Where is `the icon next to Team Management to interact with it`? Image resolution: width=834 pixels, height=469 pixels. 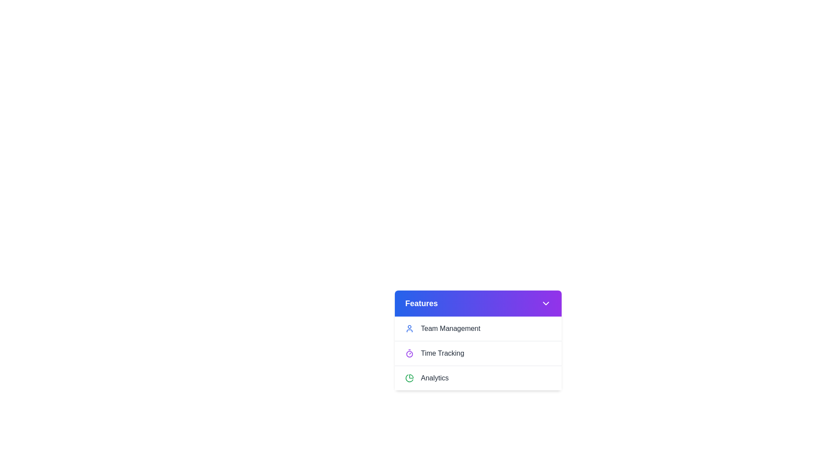 the icon next to Team Management to interact with it is located at coordinates (409, 328).